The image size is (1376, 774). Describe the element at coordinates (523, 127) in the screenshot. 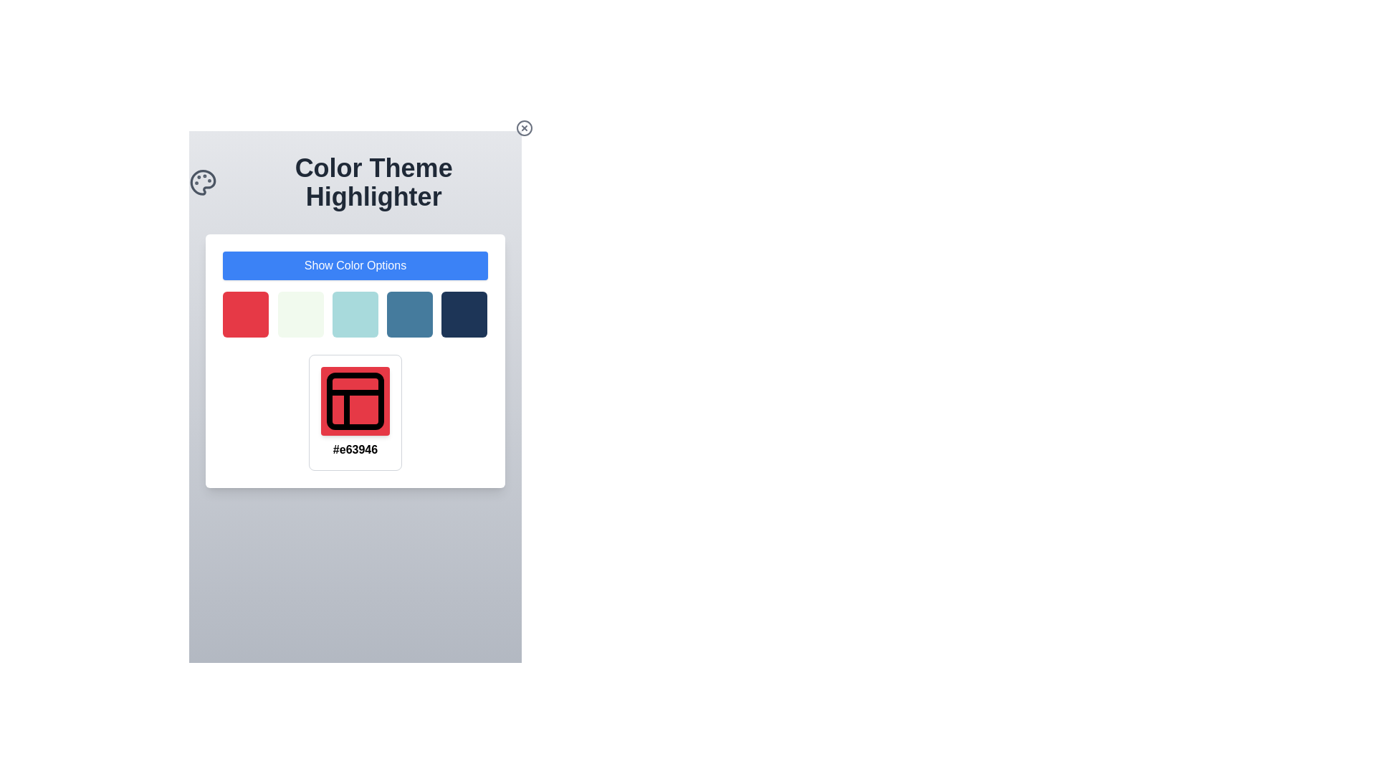

I see `the close or cancel button located at the top-right corner of the interface` at that location.